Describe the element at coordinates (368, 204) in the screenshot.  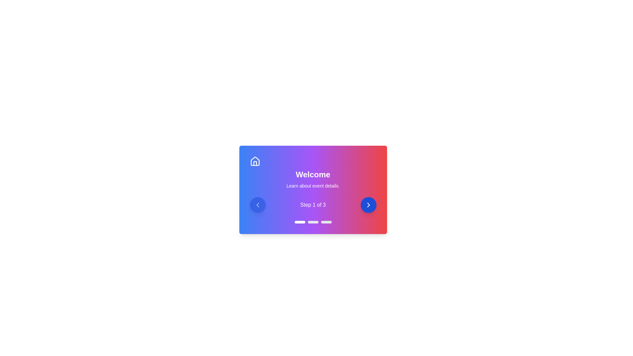
I see `the right arrow button to navigate to the next step` at that location.